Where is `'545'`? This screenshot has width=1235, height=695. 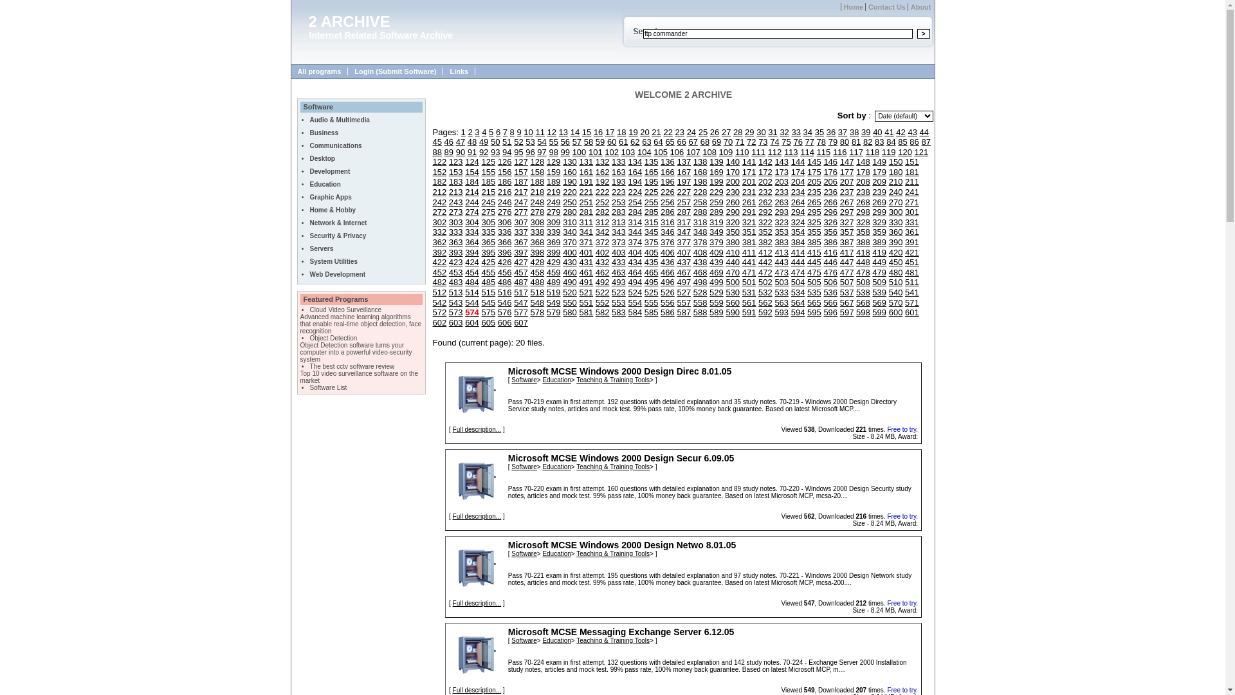 '545' is located at coordinates (487, 302).